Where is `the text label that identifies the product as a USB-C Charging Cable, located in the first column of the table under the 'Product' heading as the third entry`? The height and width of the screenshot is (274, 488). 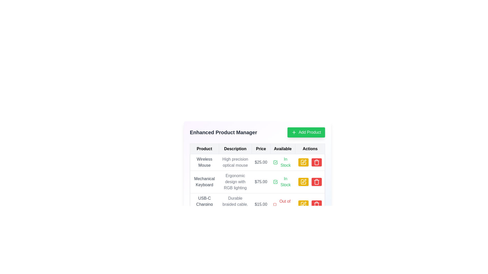
the text label that identifies the product as a USB-C Charging Cable, located in the first column of the table under the 'Product' heading as the third entry is located at coordinates (204, 204).